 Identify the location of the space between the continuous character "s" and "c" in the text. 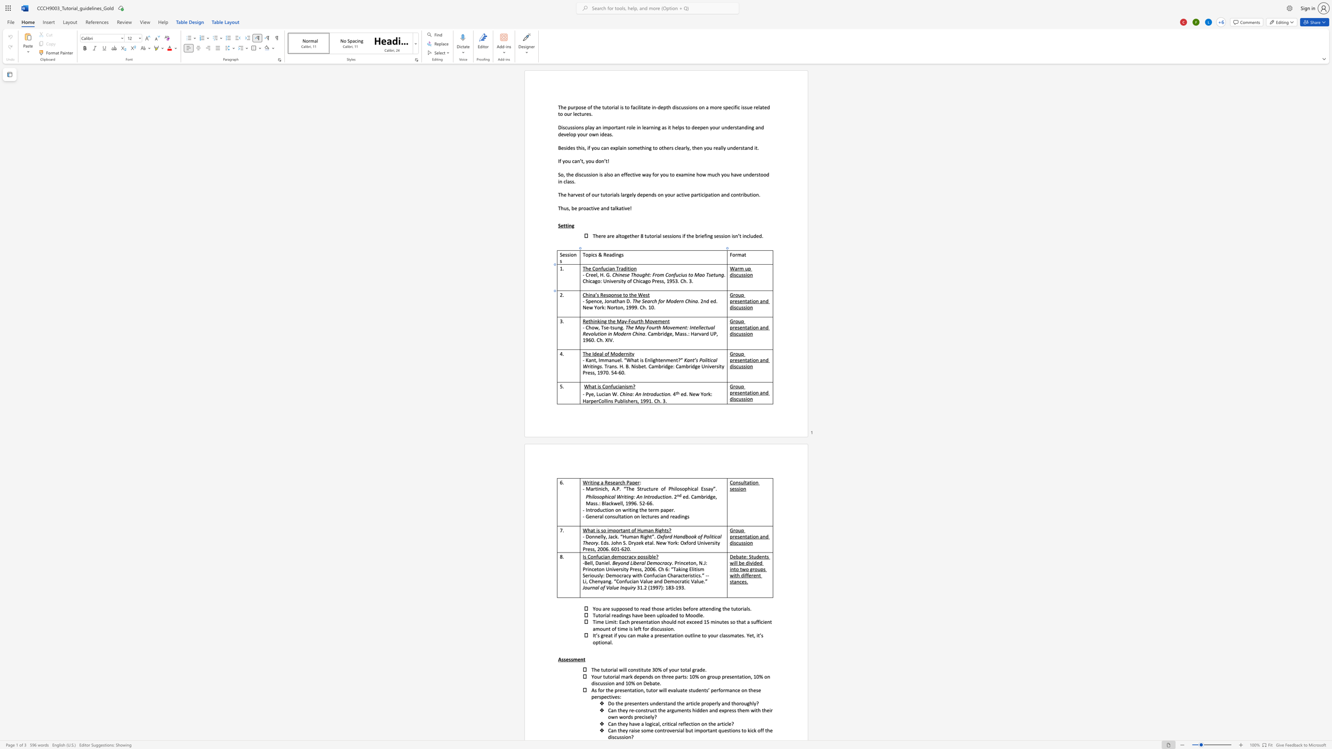
(736, 274).